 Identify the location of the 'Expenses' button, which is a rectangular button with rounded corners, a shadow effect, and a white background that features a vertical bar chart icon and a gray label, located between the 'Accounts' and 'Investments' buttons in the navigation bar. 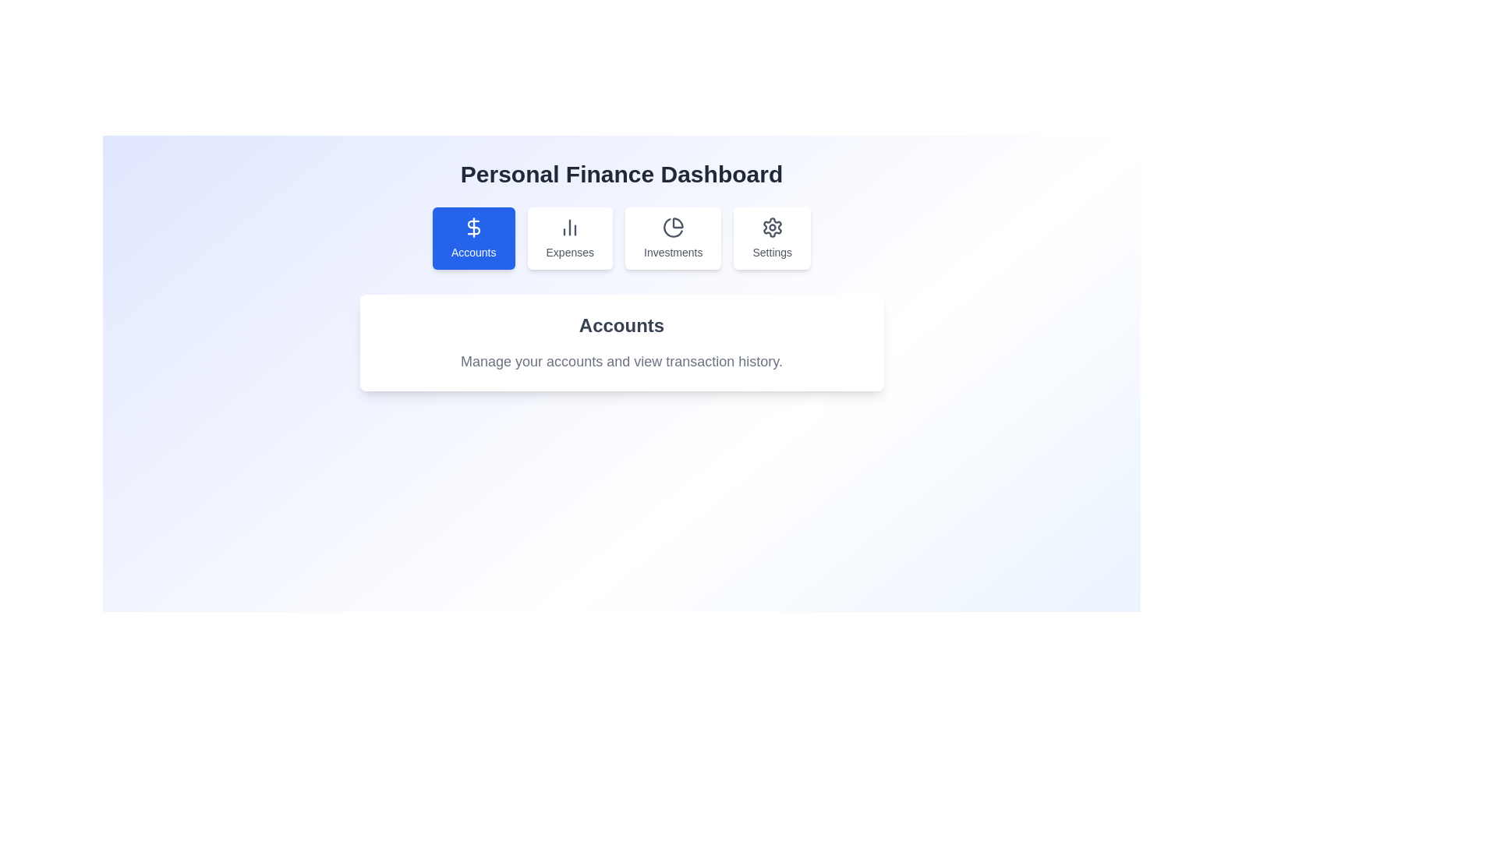
(569, 238).